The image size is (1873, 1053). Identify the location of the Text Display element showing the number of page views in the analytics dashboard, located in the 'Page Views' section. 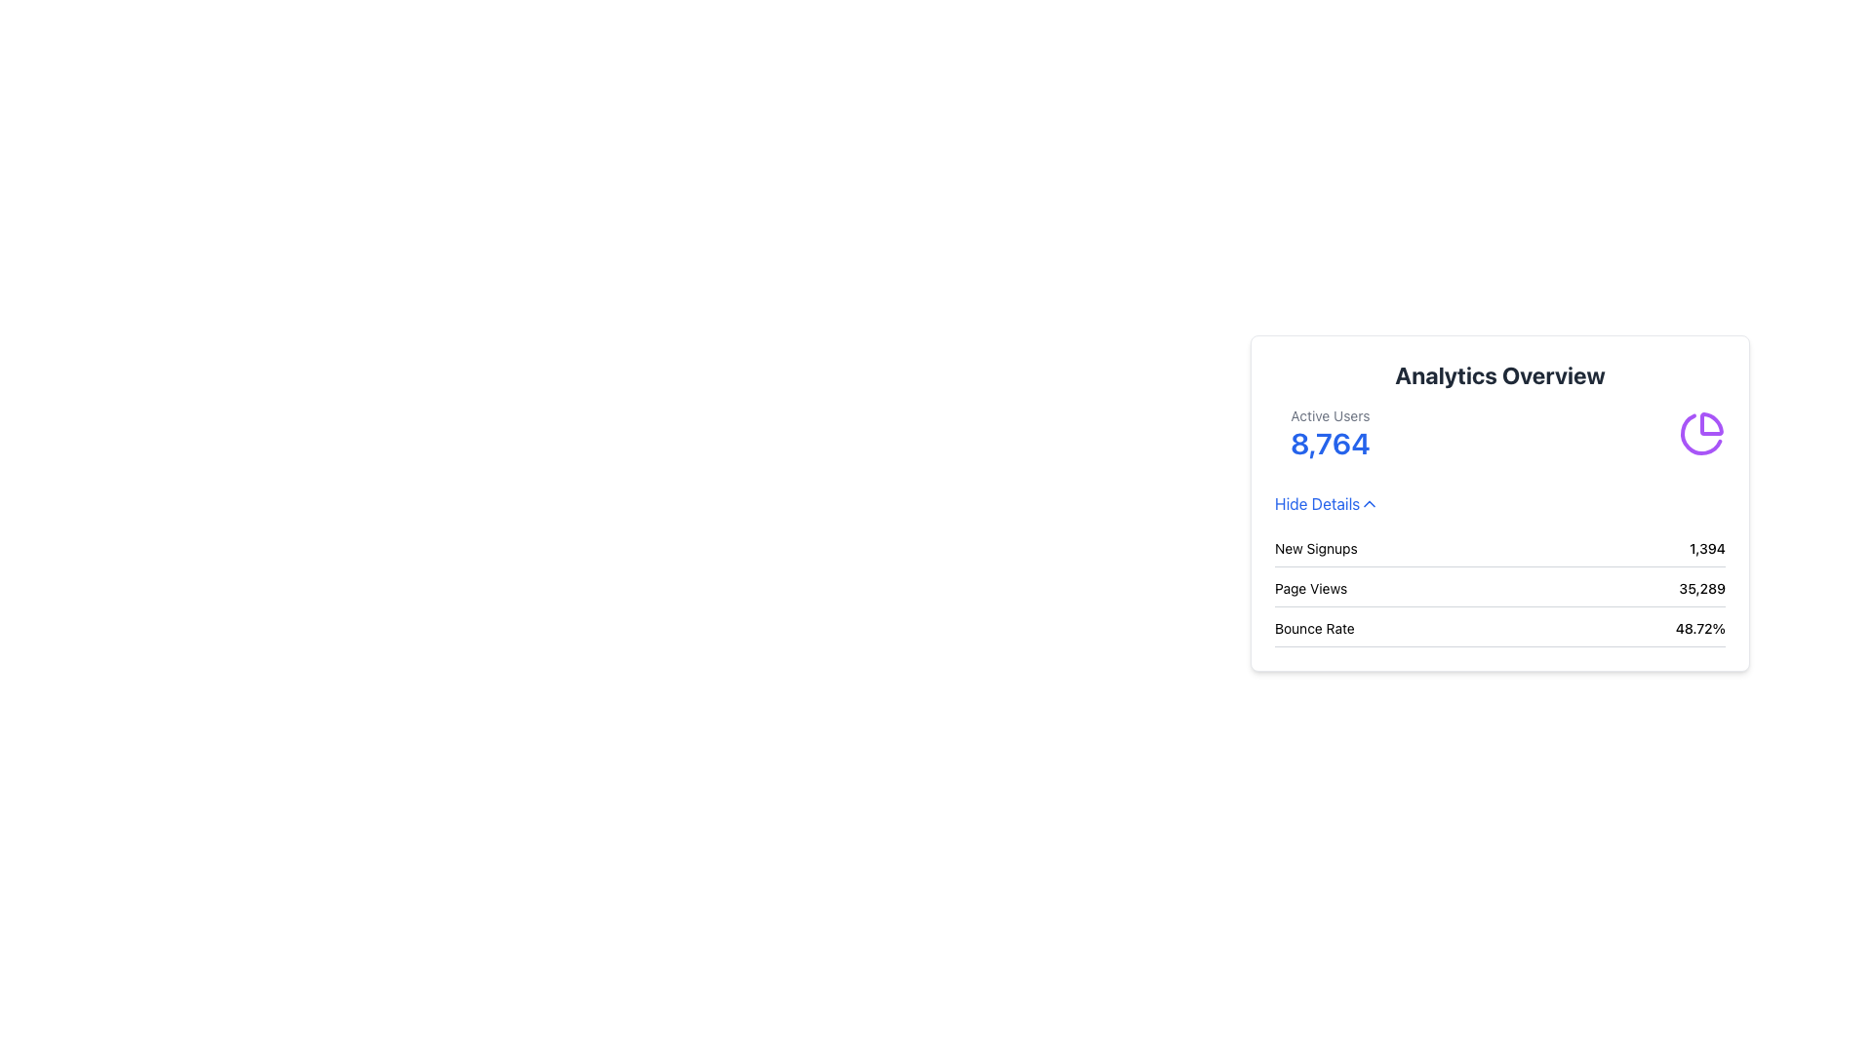
(1701, 588).